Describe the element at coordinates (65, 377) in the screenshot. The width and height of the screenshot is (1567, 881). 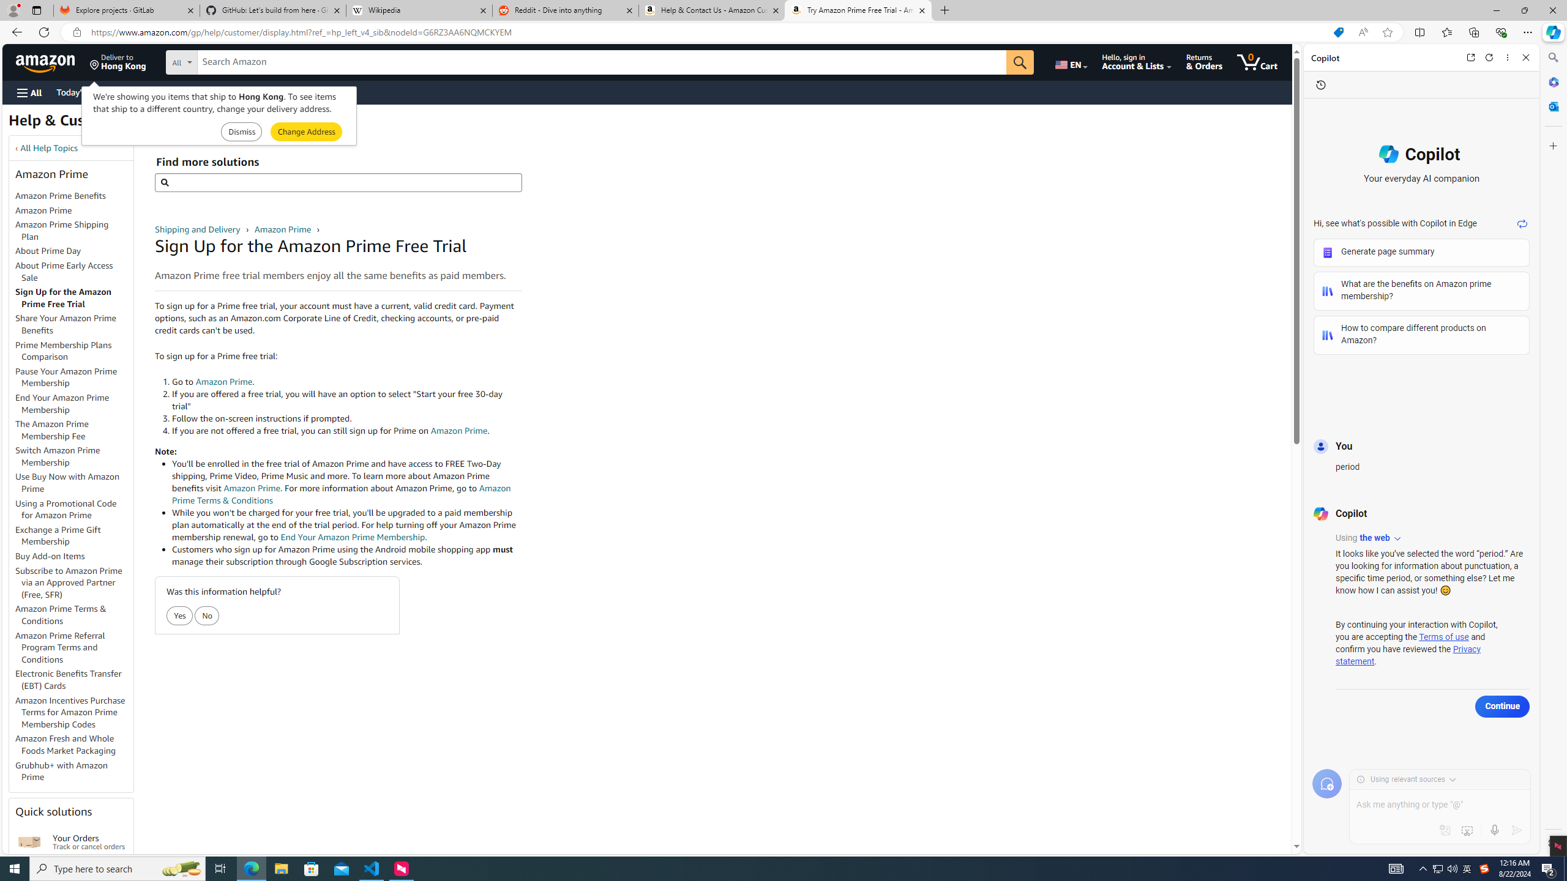
I see `'Pause Your Amazon Prime Membership'` at that location.